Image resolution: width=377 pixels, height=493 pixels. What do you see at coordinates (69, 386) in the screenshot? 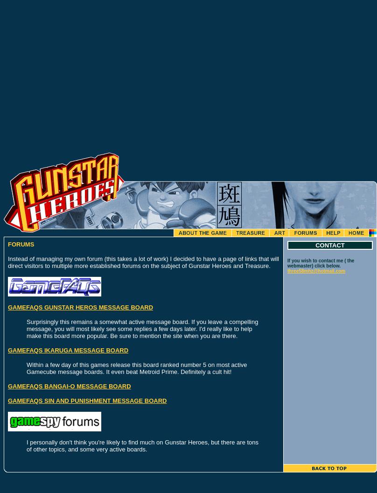
I see `'GAMEFAQS 
                    BANGAI-O MESSAGE BOARD'` at bounding box center [69, 386].